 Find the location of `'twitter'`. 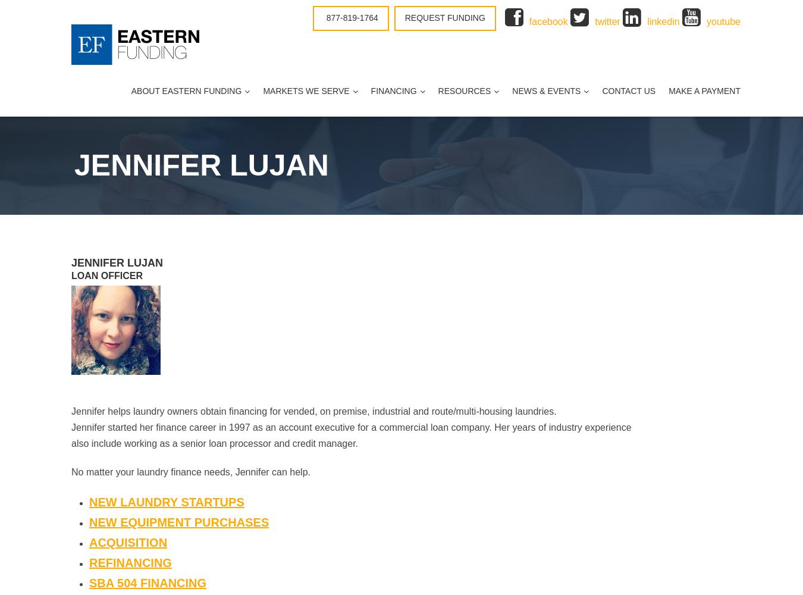

'twitter' is located at coordinates (607, 21).